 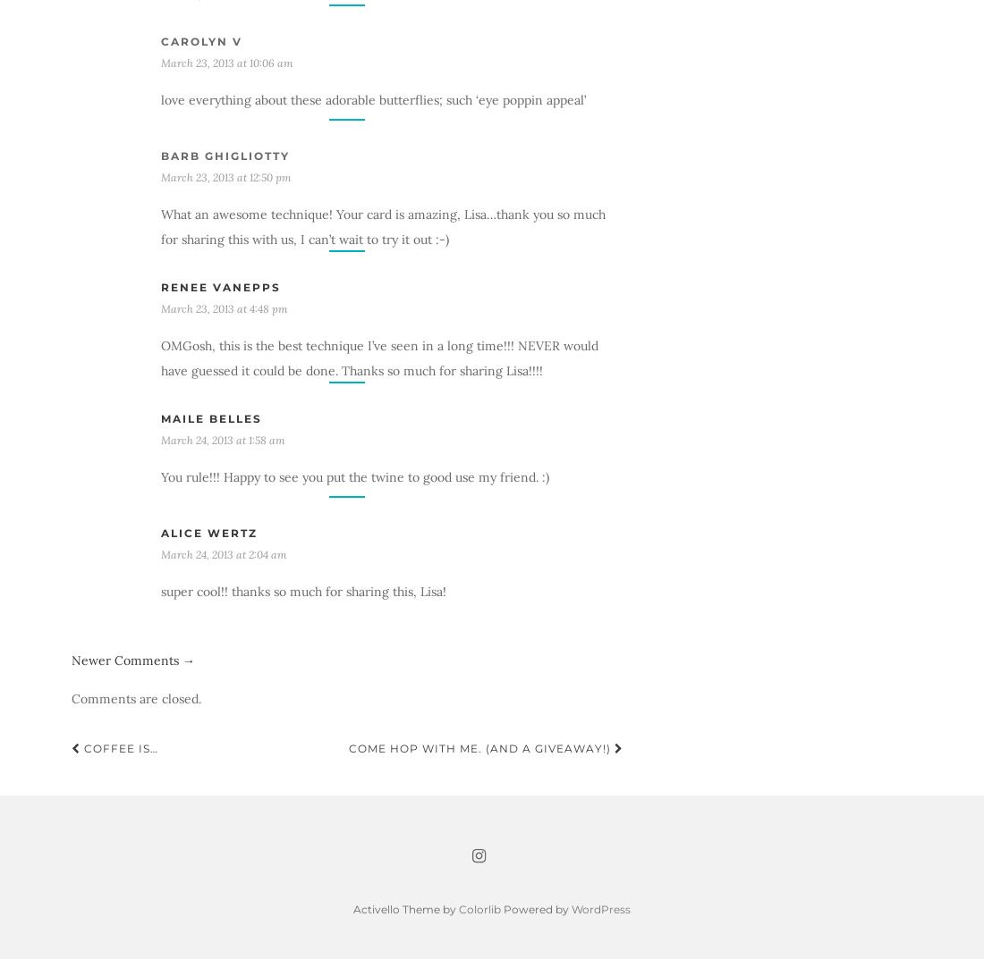 I want to click on 'Barb Ghigliotty', so click(x=225, y=154).